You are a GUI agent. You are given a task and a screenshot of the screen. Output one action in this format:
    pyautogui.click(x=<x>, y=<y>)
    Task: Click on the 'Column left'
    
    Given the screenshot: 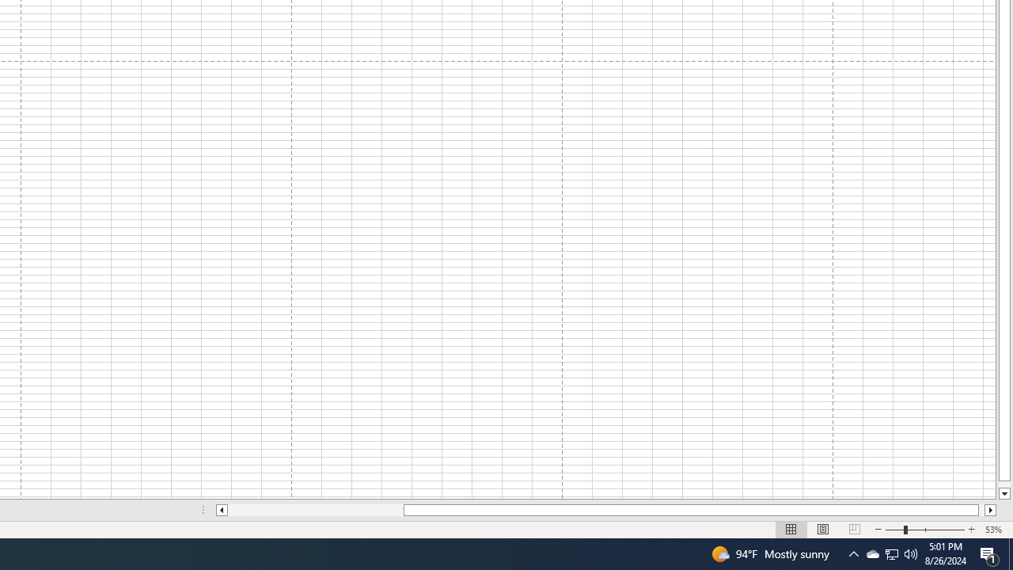 What is the action you would take?
    pyautogui.click(x=220, y=510)
    